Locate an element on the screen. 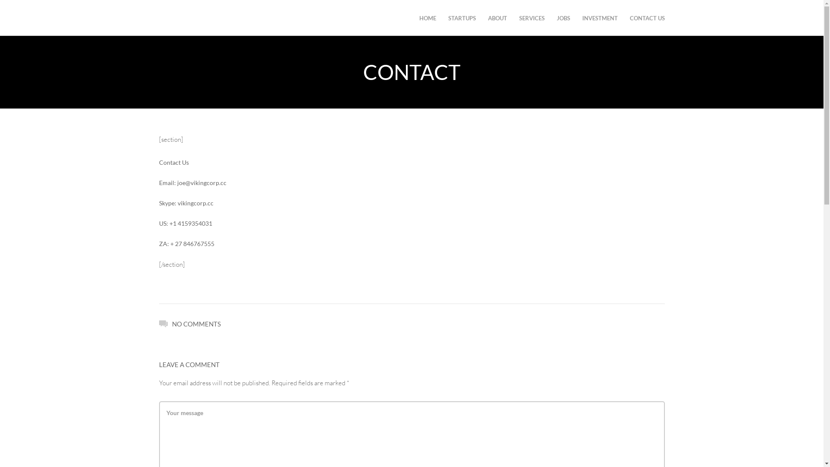 This screenshot has width=830, height=467. 'CONTACT US' is located at coordinates (647, 18).